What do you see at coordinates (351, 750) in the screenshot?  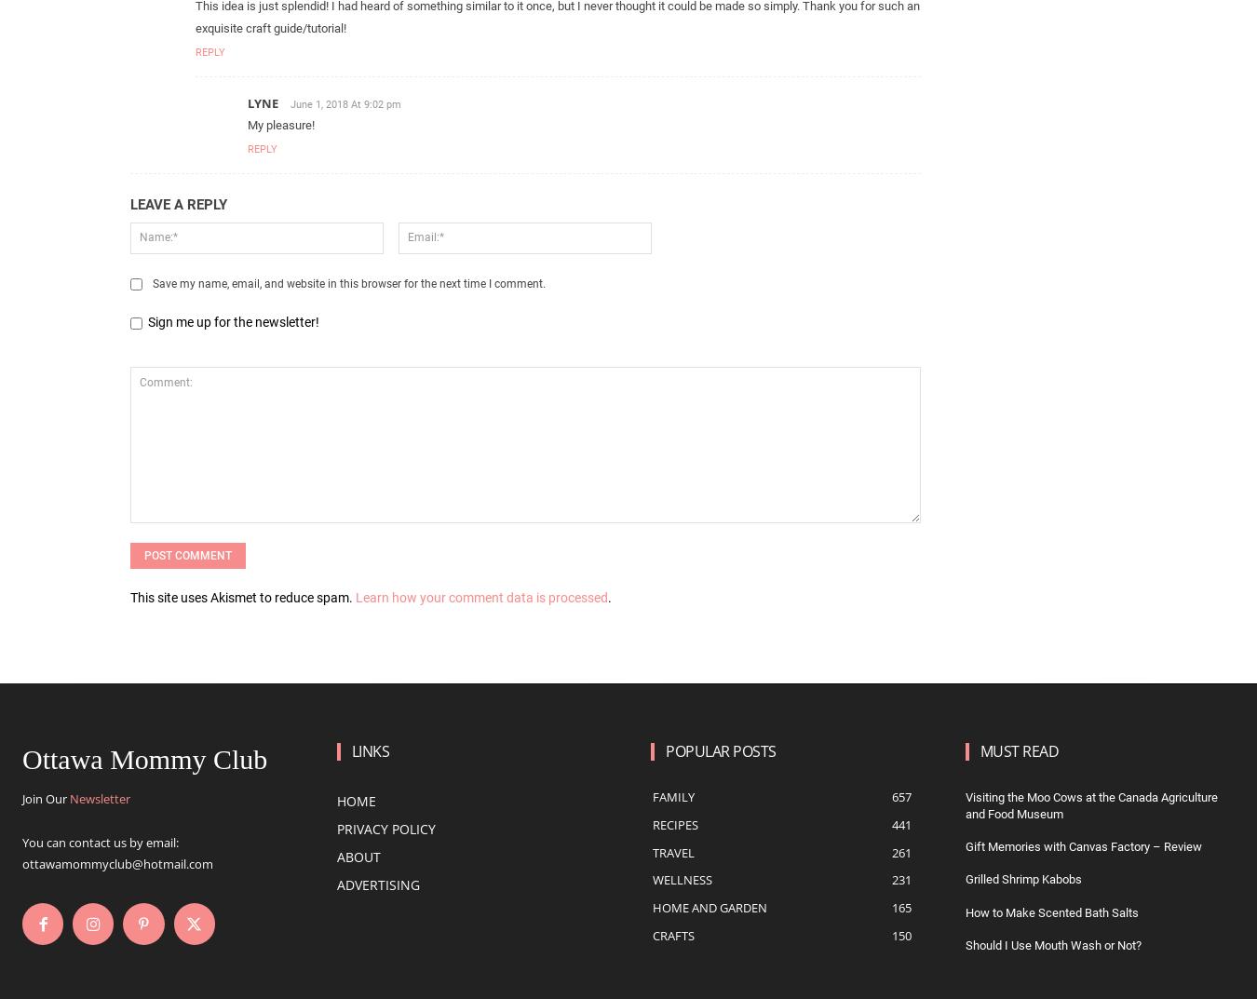 I see `'Links'` at bounding box center [351, 750].